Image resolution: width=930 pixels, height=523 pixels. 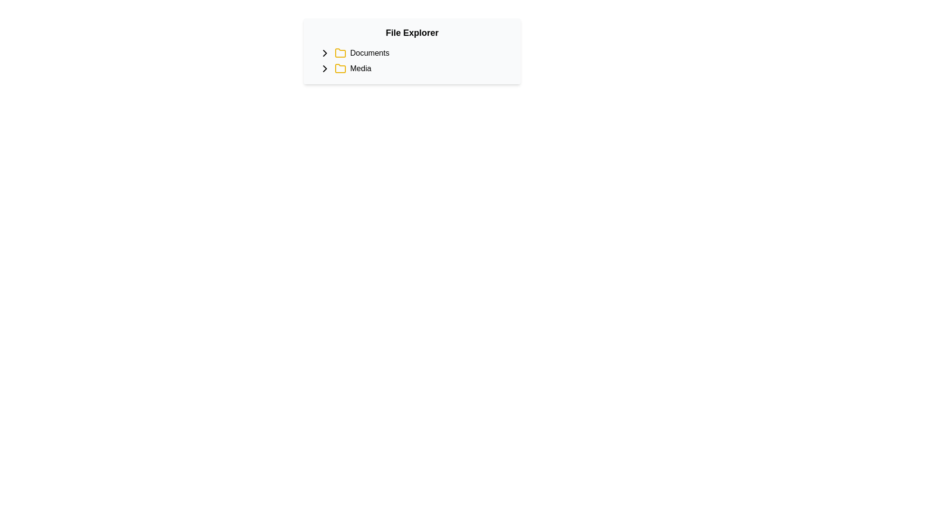 What do you see at coordinates (412, 51) in the screenshot?
I see `the 'File Explorer' navigation component` at bounding box center [412, 51].